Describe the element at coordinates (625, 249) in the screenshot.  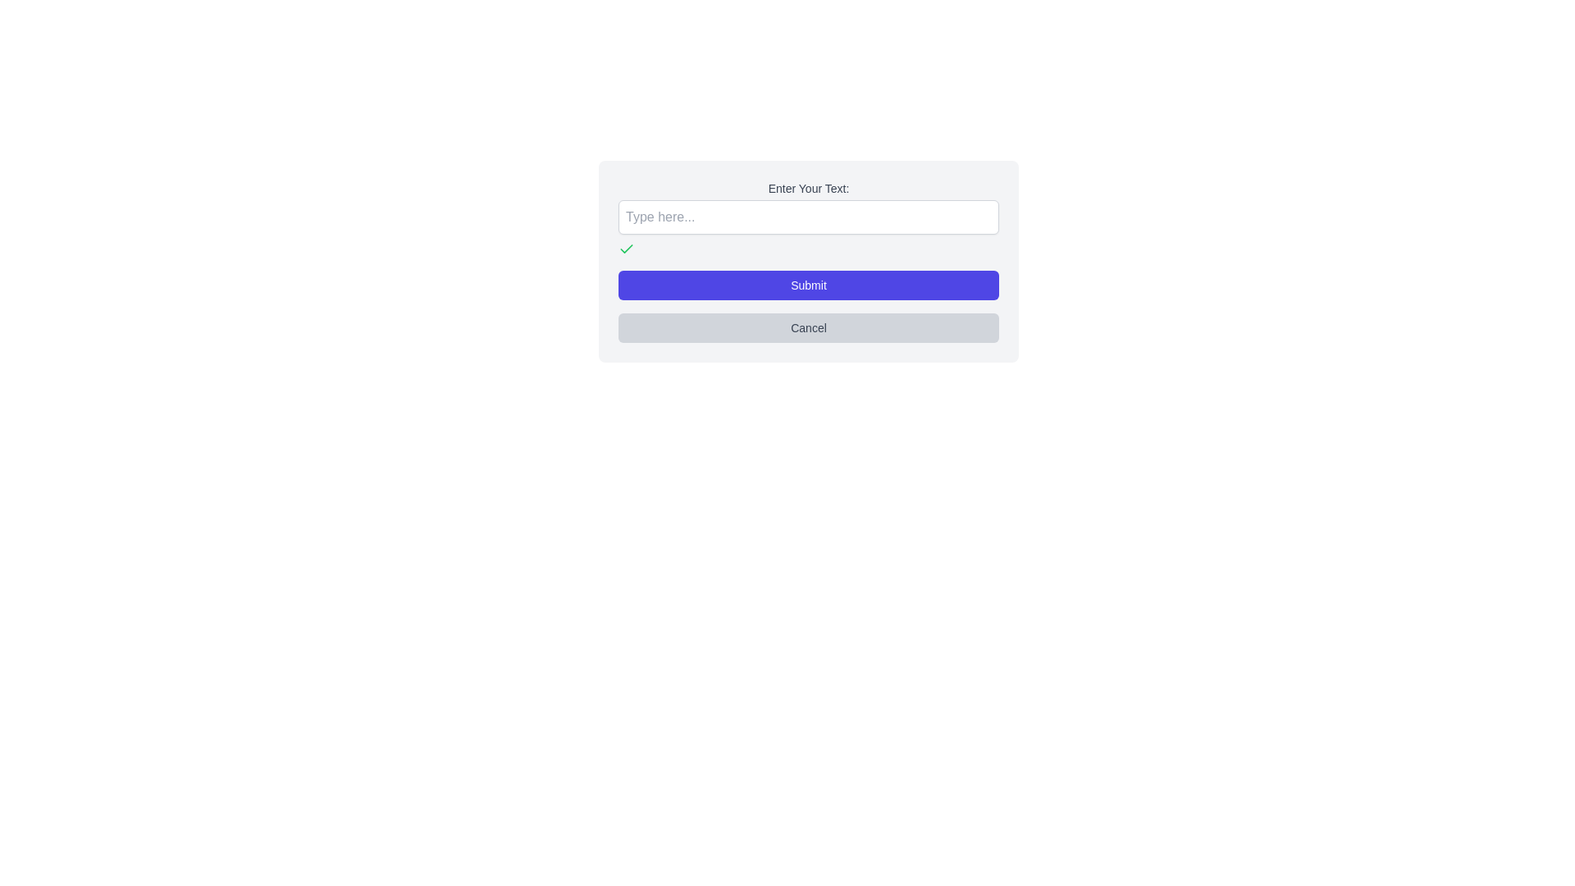
I see `the green checkmark icon located below the 'Type here...' input field in the form interface` at that location.